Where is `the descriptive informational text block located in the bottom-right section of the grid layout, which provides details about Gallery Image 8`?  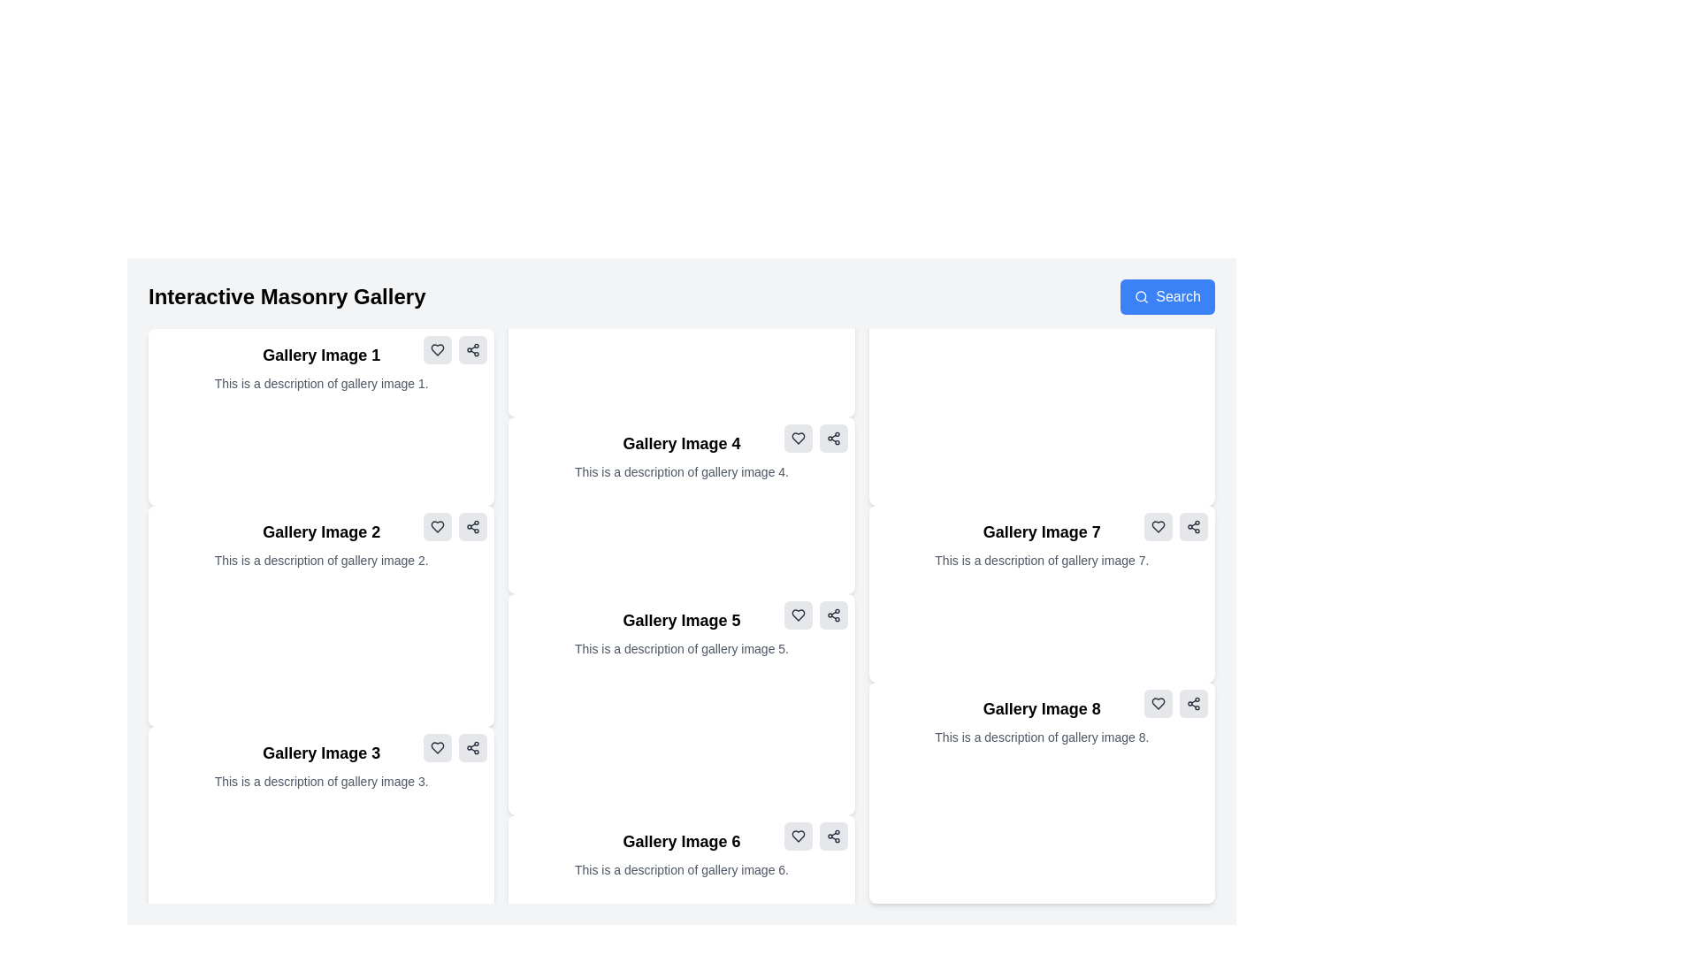
the descriptive informational text block located in the bottom-right section of the grid layout, which provides details about Gallery Image 8 is located at coordinates (1042, 722).